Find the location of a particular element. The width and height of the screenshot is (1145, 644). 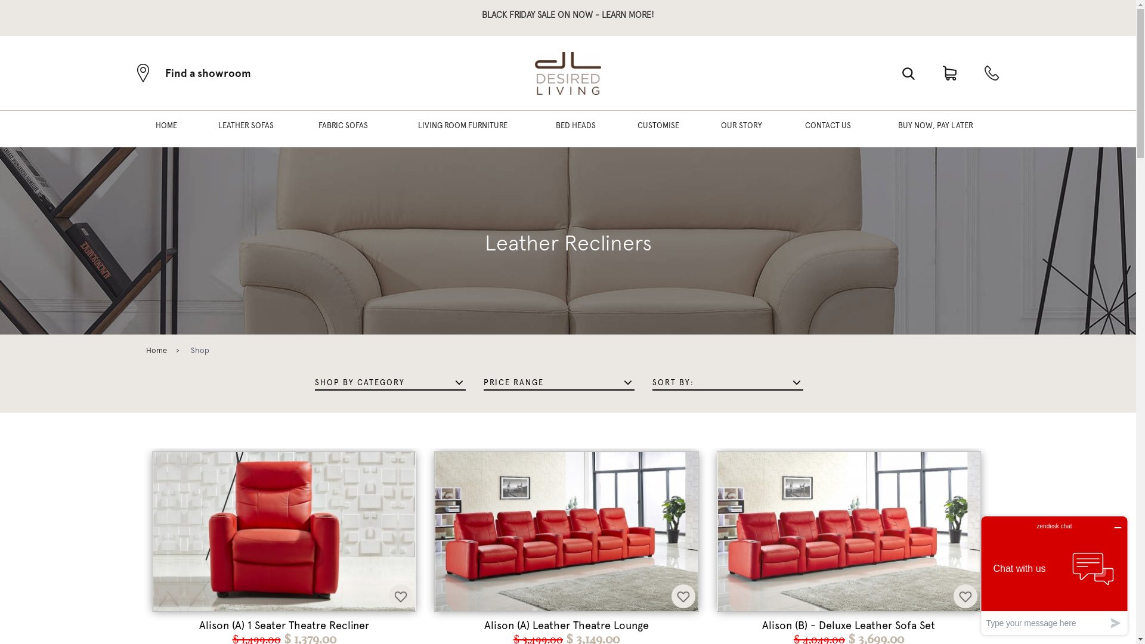

'Opens a widget where you can chat to one of our agents' is located at coordinates (1054, 575).